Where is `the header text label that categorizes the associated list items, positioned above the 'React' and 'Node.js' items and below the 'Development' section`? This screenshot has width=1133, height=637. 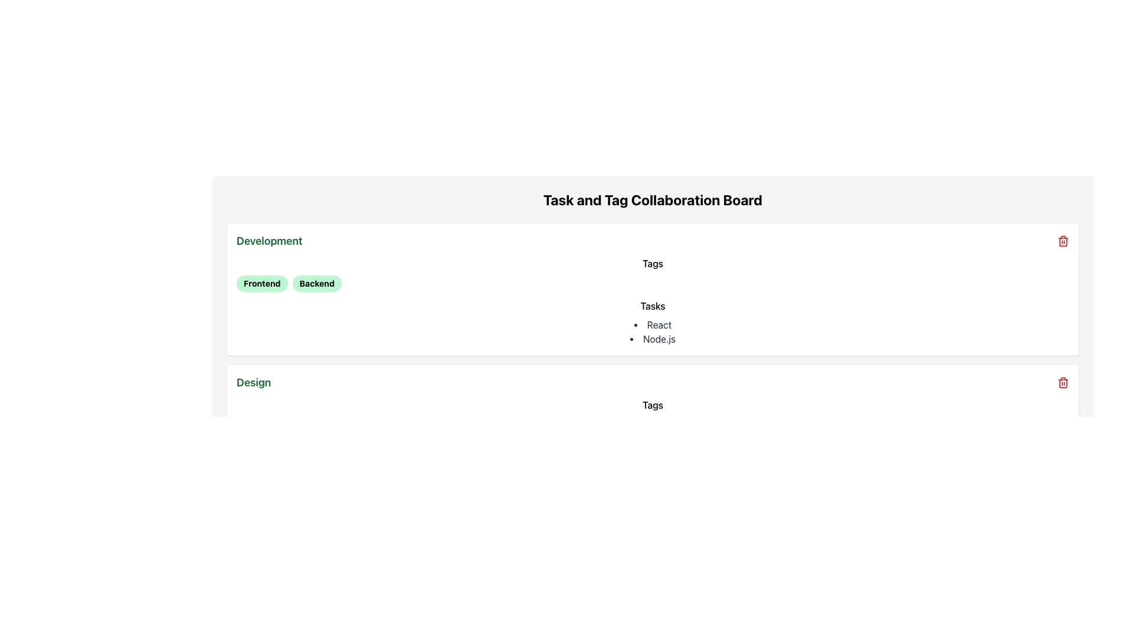 the header text label that categorizes the associated list items, positioned above the 'React' and 'Node.js' items and below the 'Development' section is located at coordinates (652, 306).